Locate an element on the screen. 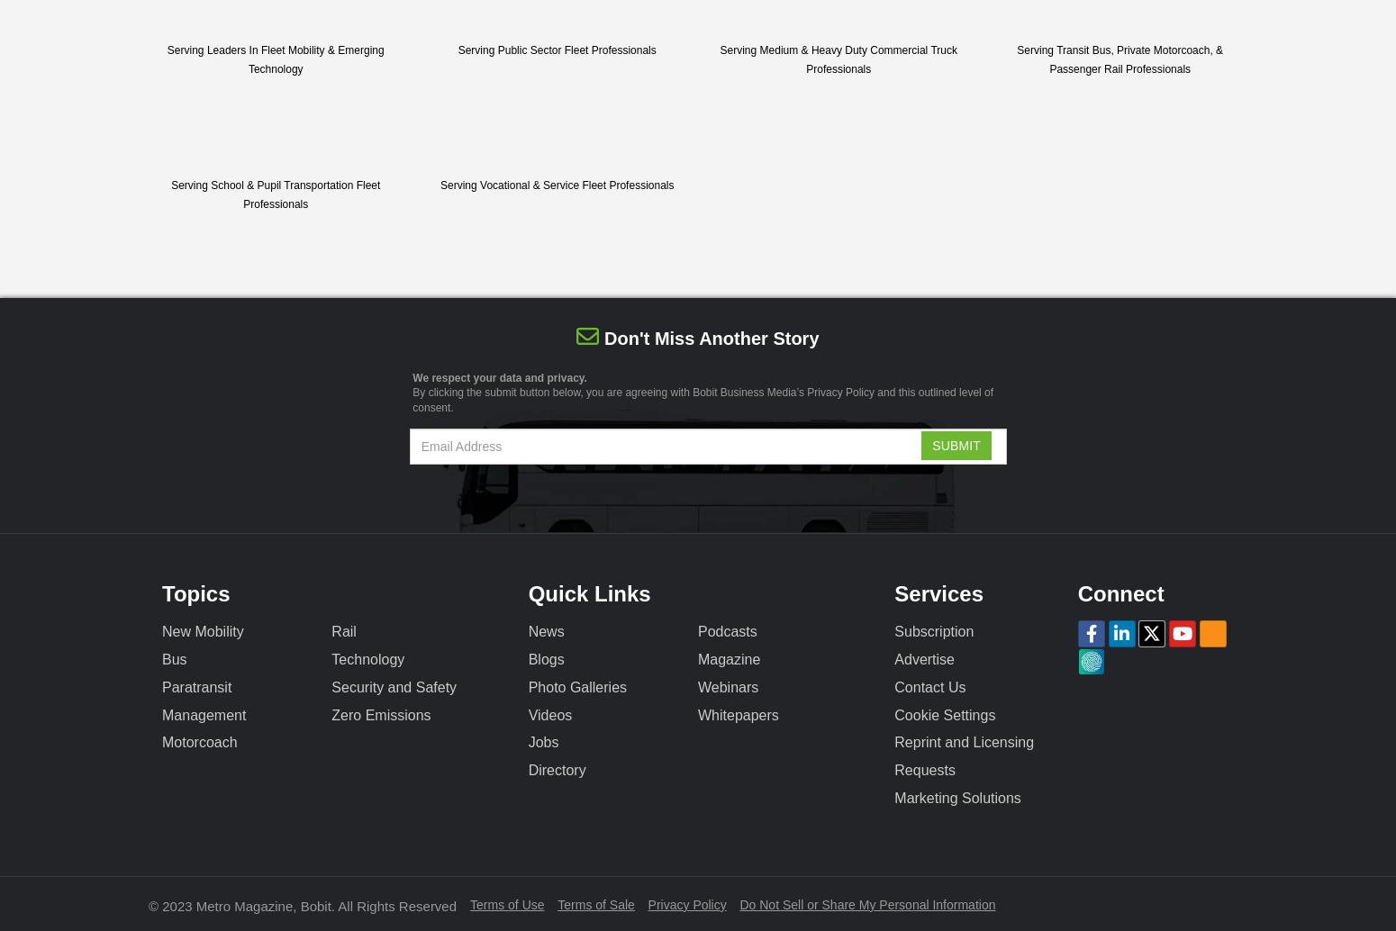 The height and width of the screenshot is (931, 1396). 'and this outlined' is located at coordinates (917, 392).